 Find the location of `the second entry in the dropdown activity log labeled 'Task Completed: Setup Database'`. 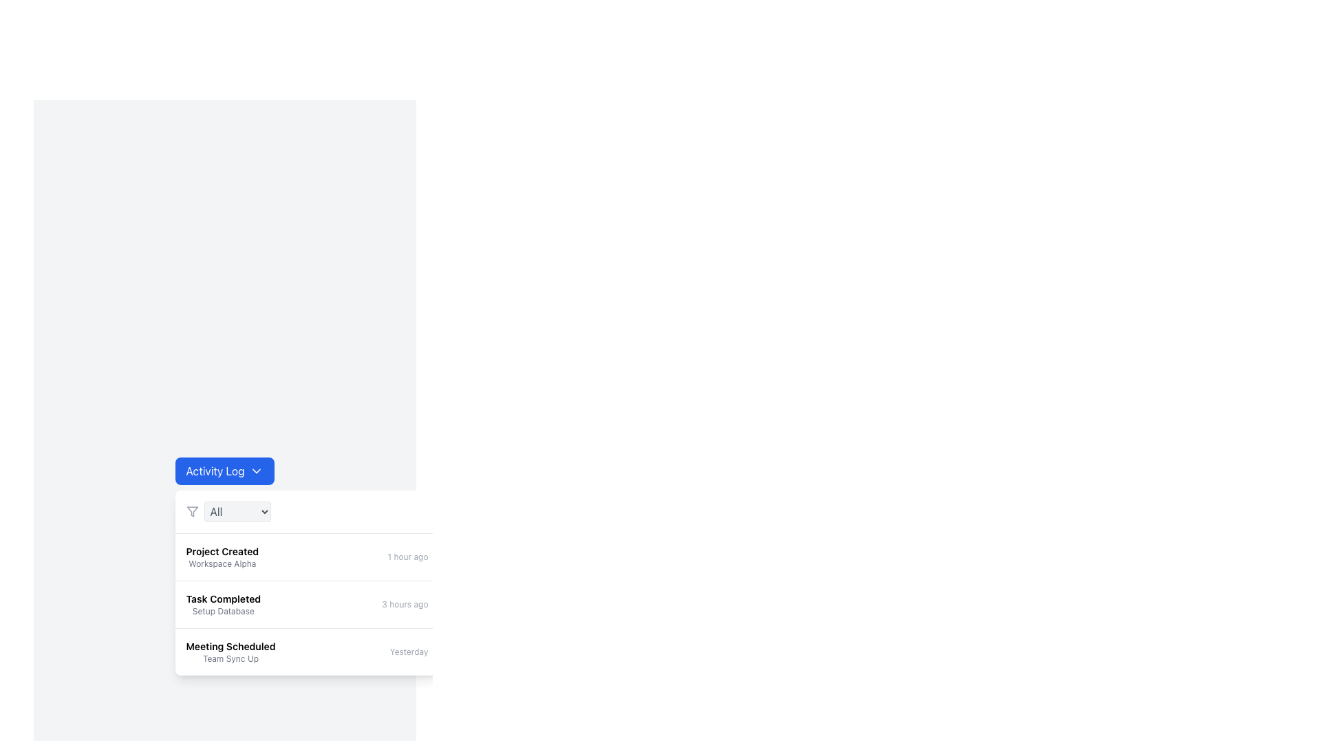

the second entry in the dropdown activity log labeled 'Task Completed: Setup Database' is located at coordinates (306, 583).